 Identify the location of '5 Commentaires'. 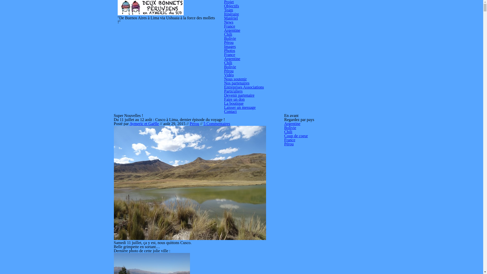
(217, 124).